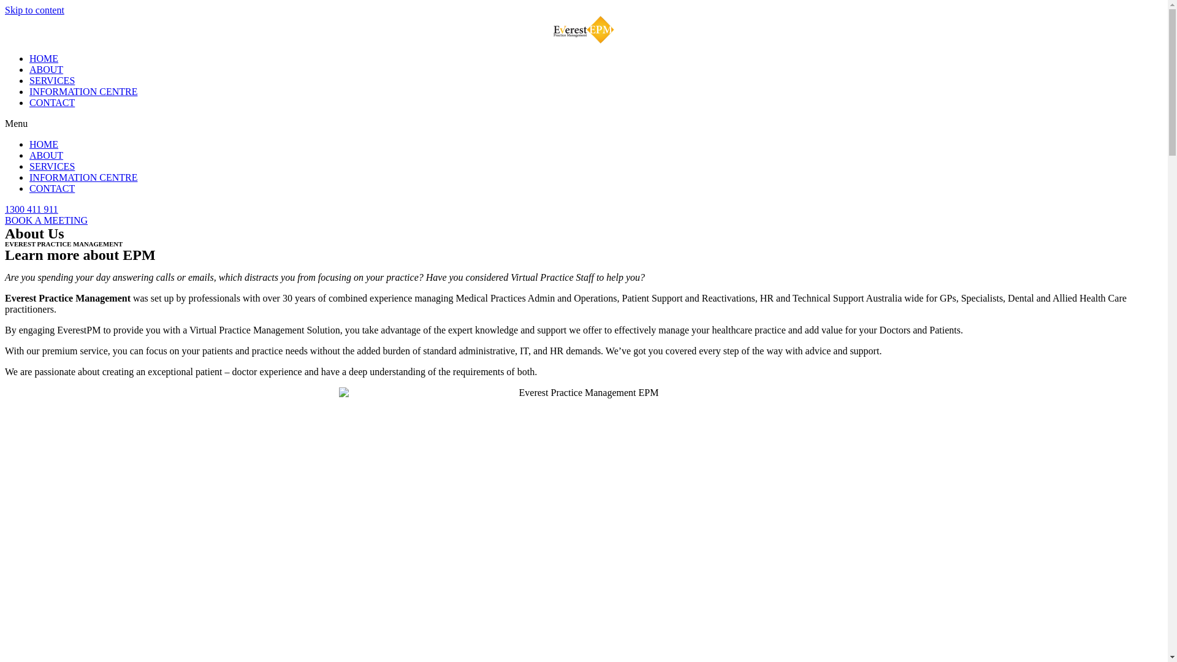 The height and width of the screenshot is (662, 1177). I want to click on 'HOME', so click(44, 58).